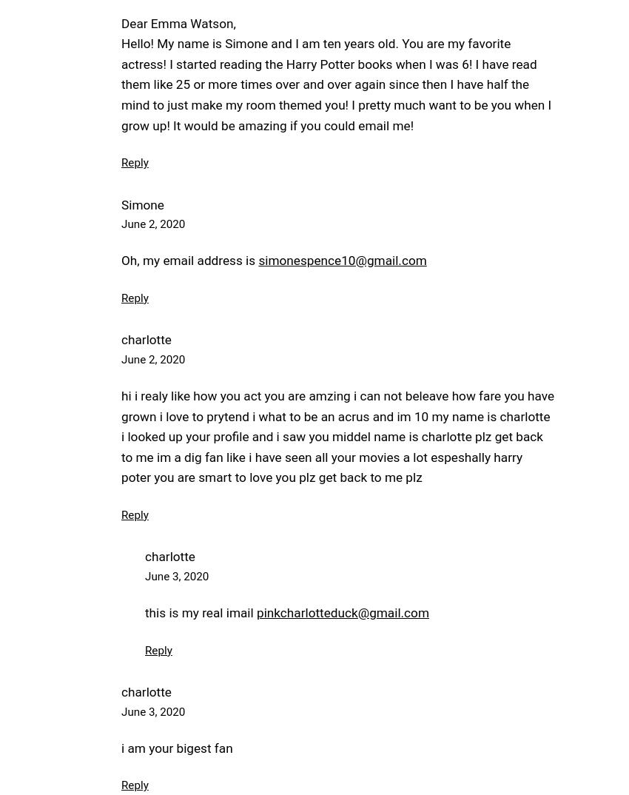 The width and height of the screenshot is (629, 795). What do you see at coordinates (341, 612) in the screenshot?
I see `'pinkcharlotteduck@gmail.com'` at bounding box center [341, 612].